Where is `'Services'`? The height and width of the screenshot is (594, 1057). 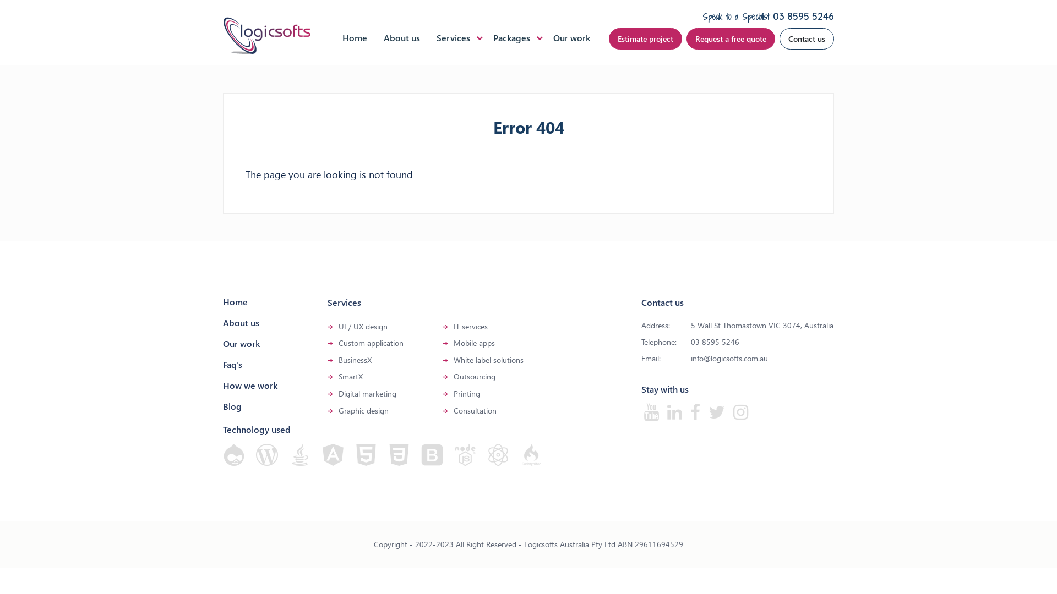
'Services' is located at coordinates (453, 37).